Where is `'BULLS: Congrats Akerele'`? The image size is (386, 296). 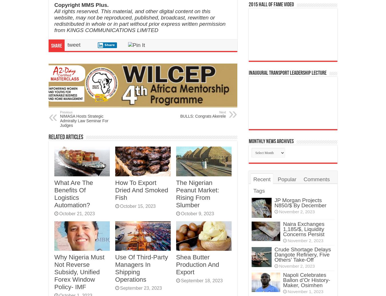
'BULLS: Congrats Akerele' is located at coordinates (202, 116).